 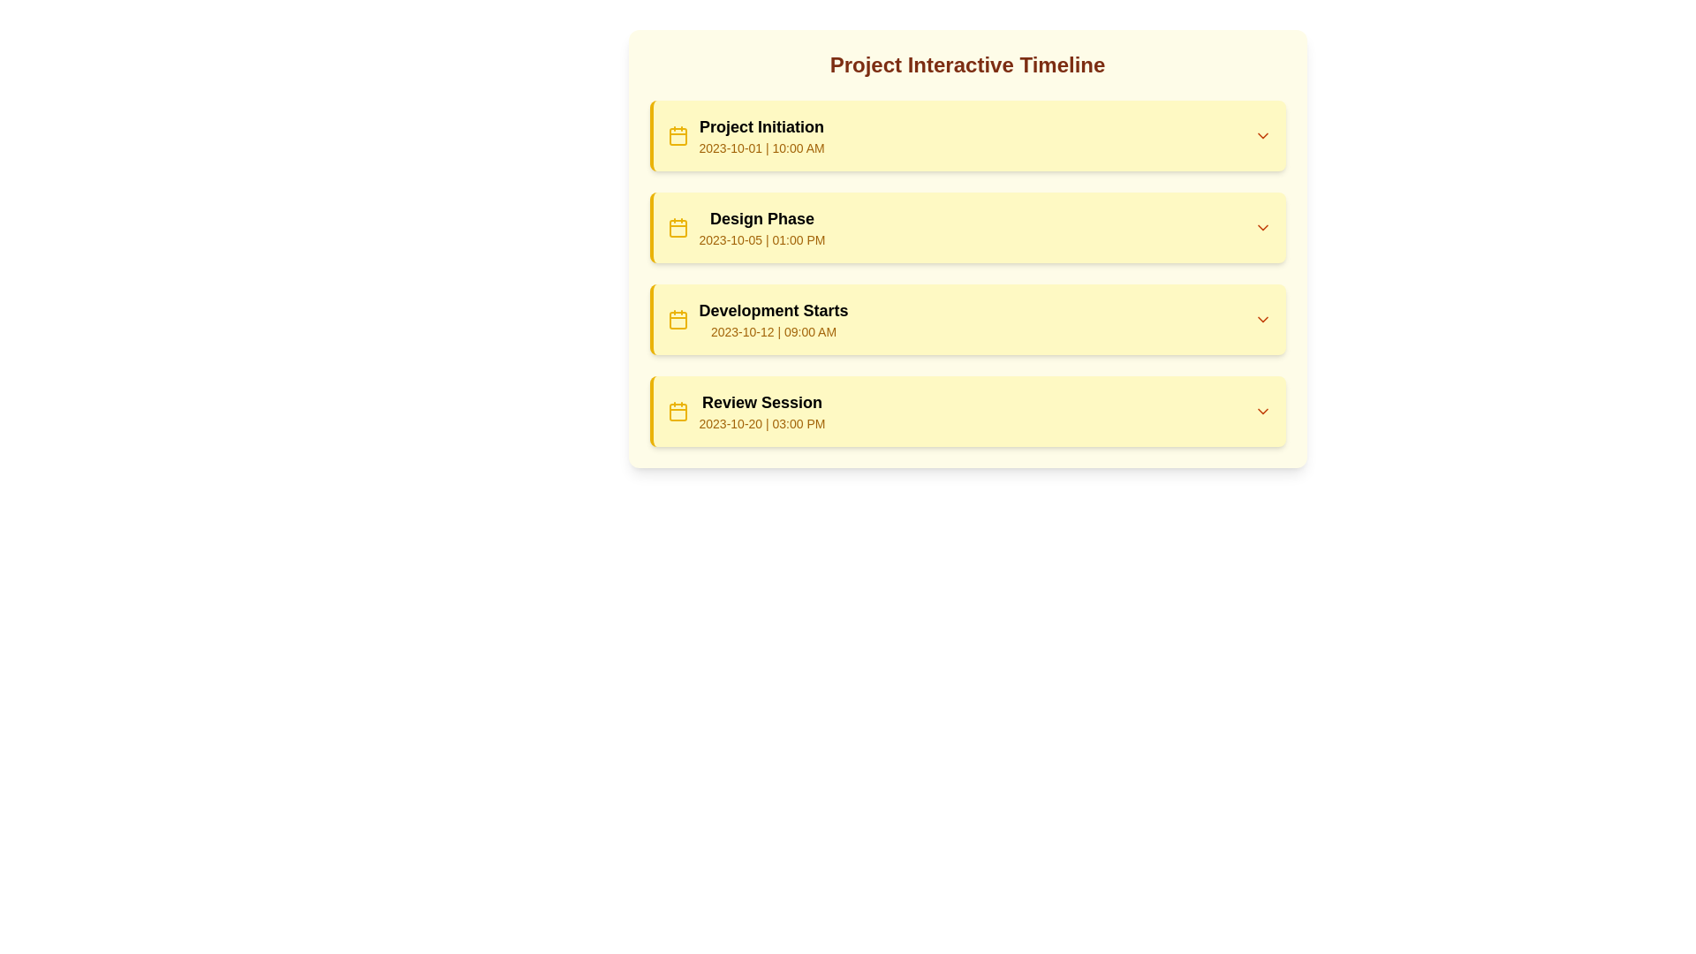 What do you see at coordinates (1261, 320) in the screenshot?
I see `the chevron icon button located at the far right of the 'Development Starts' event item` at bounding box center [1261, 320].